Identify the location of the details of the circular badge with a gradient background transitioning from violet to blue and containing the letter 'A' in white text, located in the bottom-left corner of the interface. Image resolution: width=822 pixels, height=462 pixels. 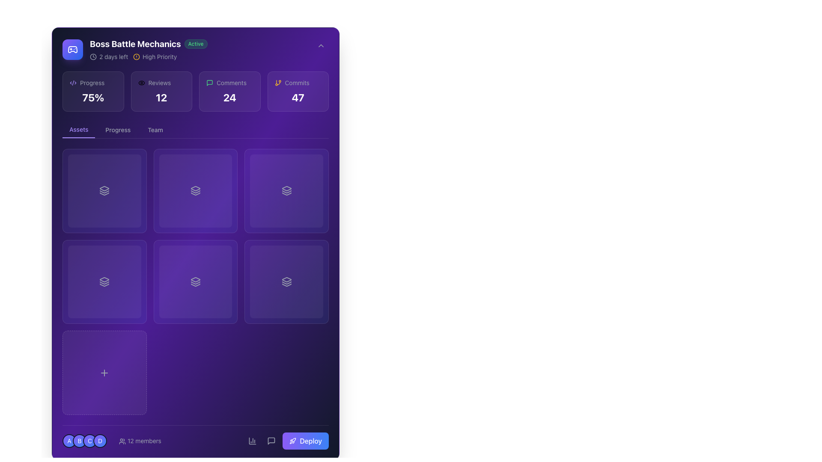
(69, 441).